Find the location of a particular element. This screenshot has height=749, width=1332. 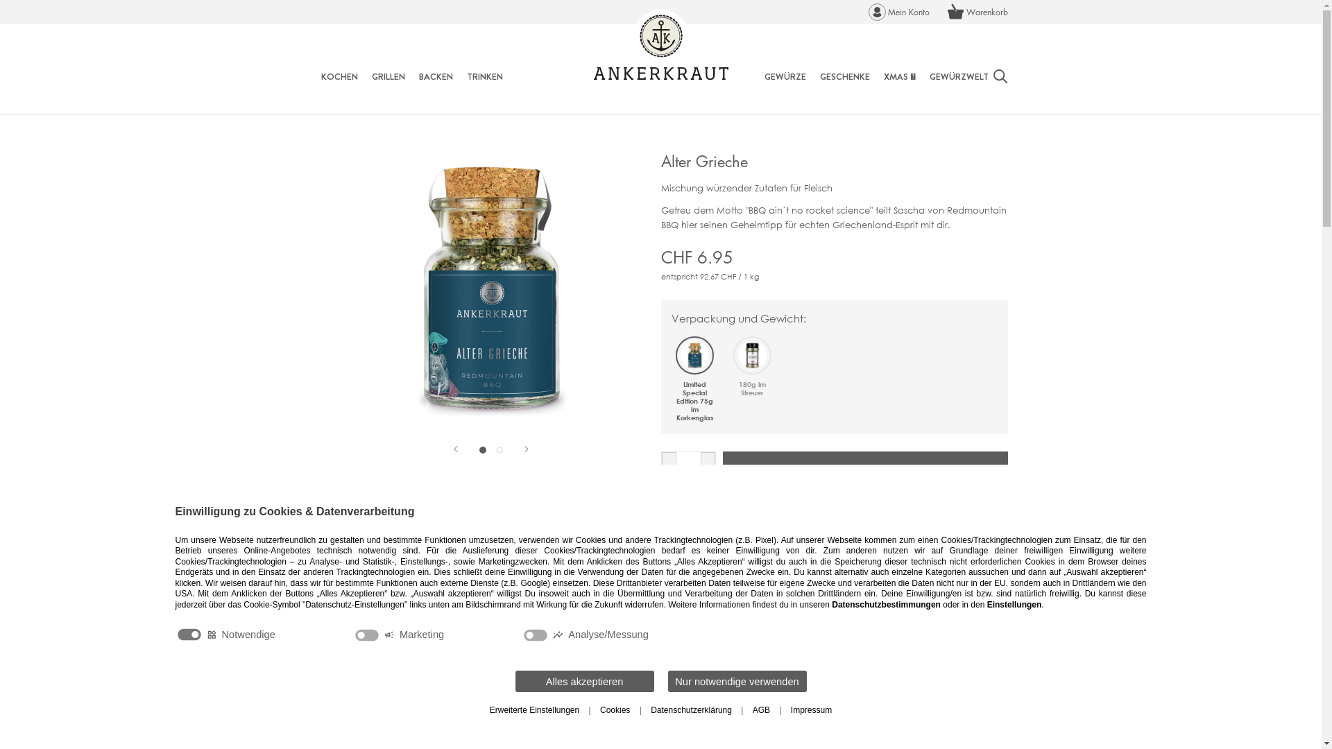

'Erweiterte Einstellungen' is located at coordinates (483, 709).